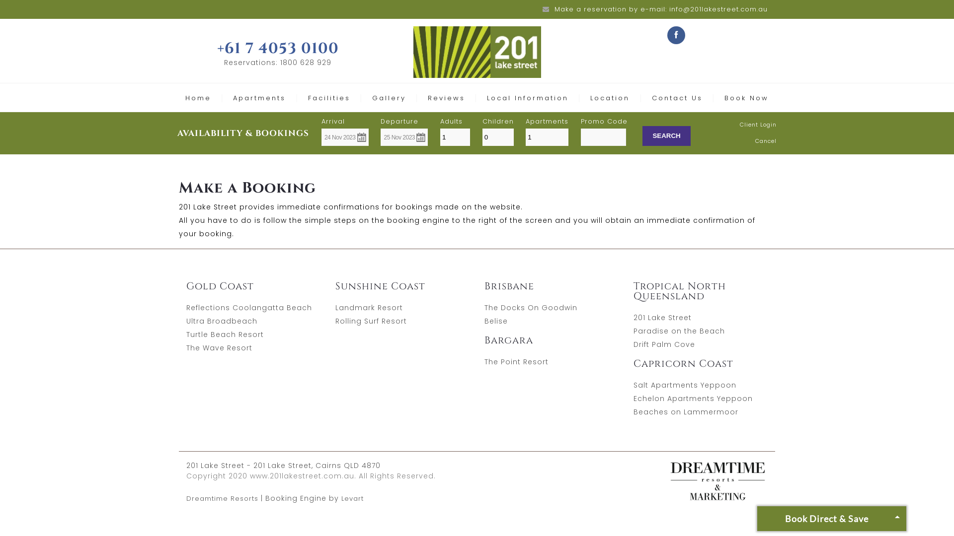 This screenshot has width=954, height=536. Describe the element at coordinates (186, 307) in the screenshot. I see `'Reflections Coolangatta Beach'` at that location.